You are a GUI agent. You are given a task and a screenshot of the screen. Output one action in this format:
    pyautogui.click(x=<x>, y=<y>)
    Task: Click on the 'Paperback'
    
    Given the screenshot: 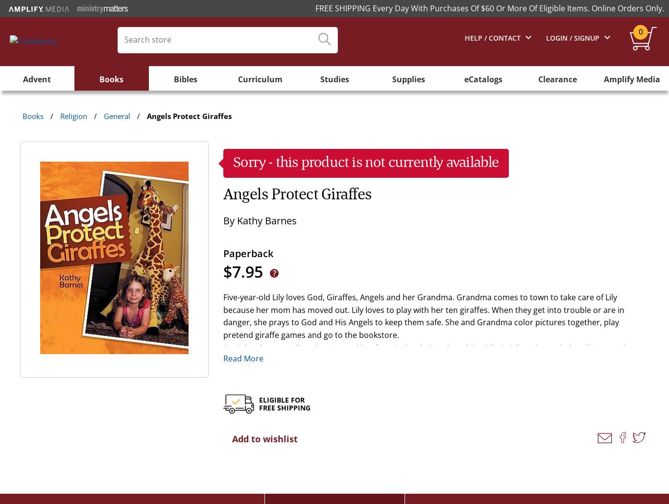 What is the action you would take?
    pyautogui.click(x=248, y=252)
    